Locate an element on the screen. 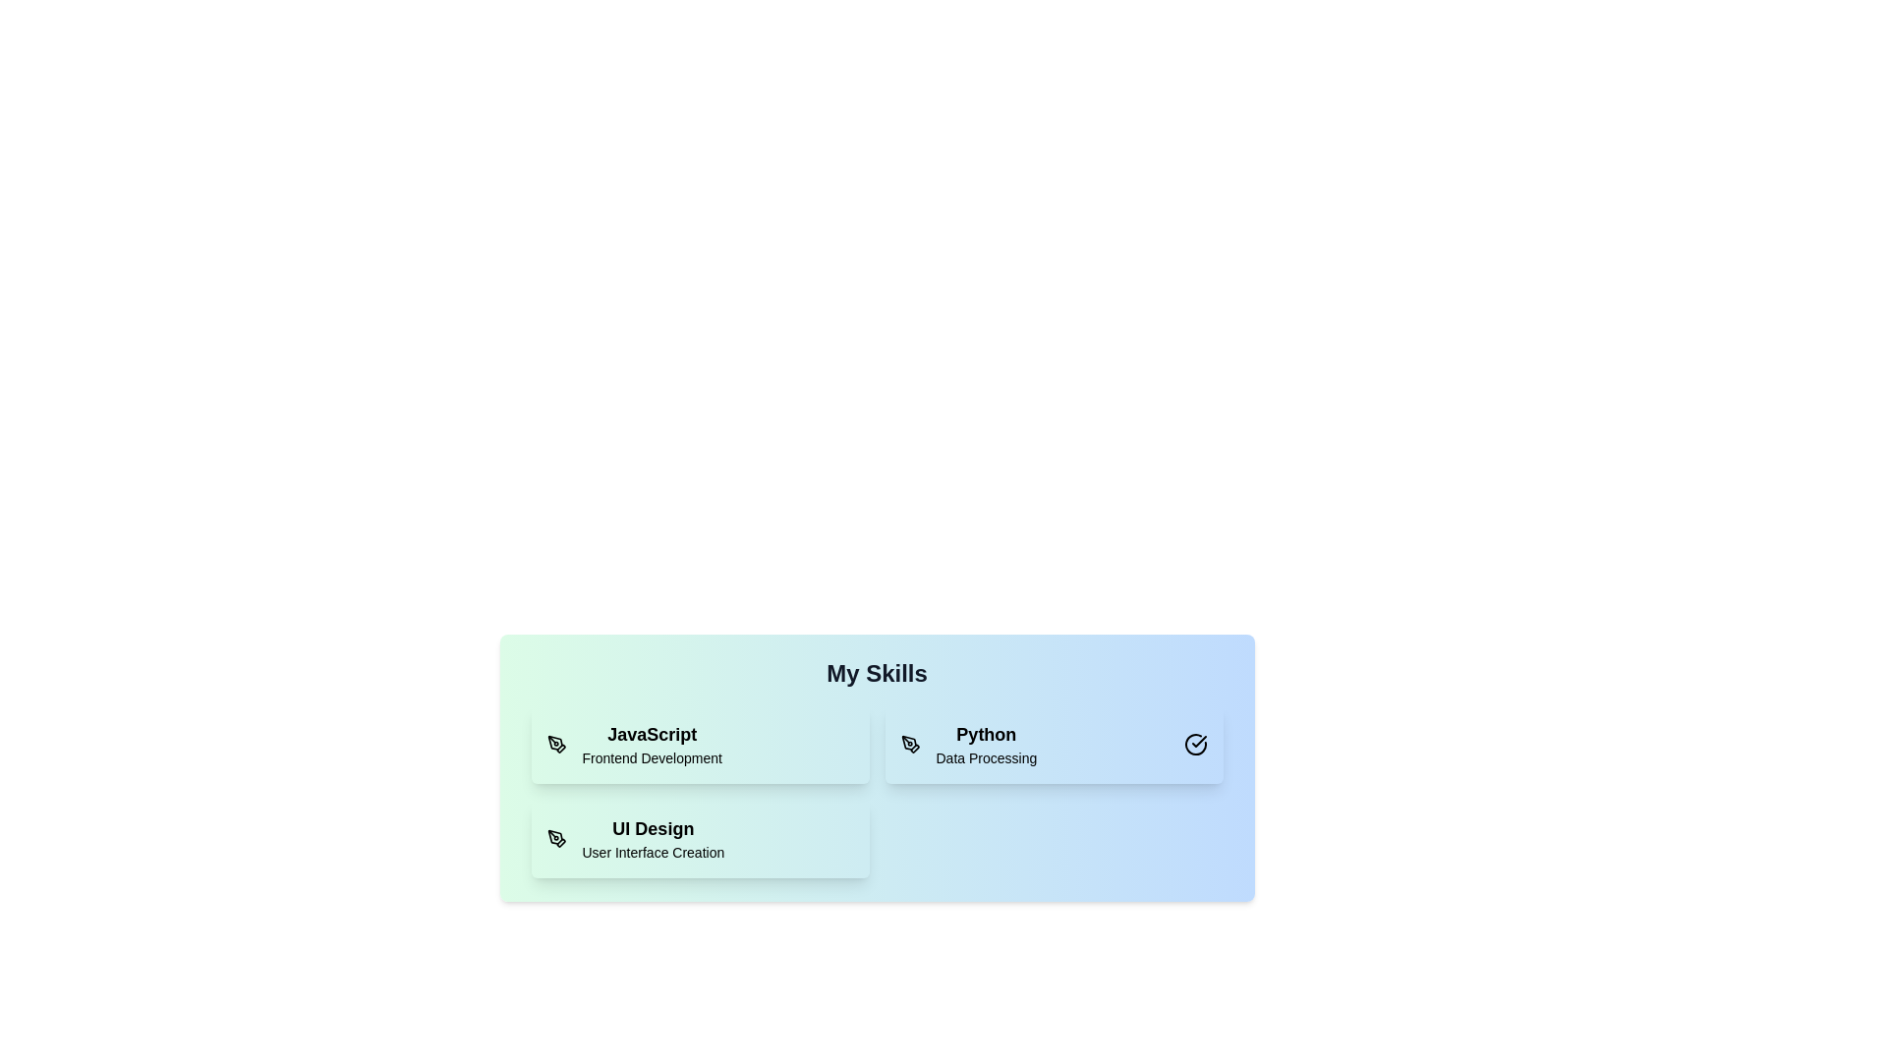 The height and width of the screenshot is (1061, 1887). the skill card corresponding to Python to toggle its selection is located at coordinates (1053, 745).